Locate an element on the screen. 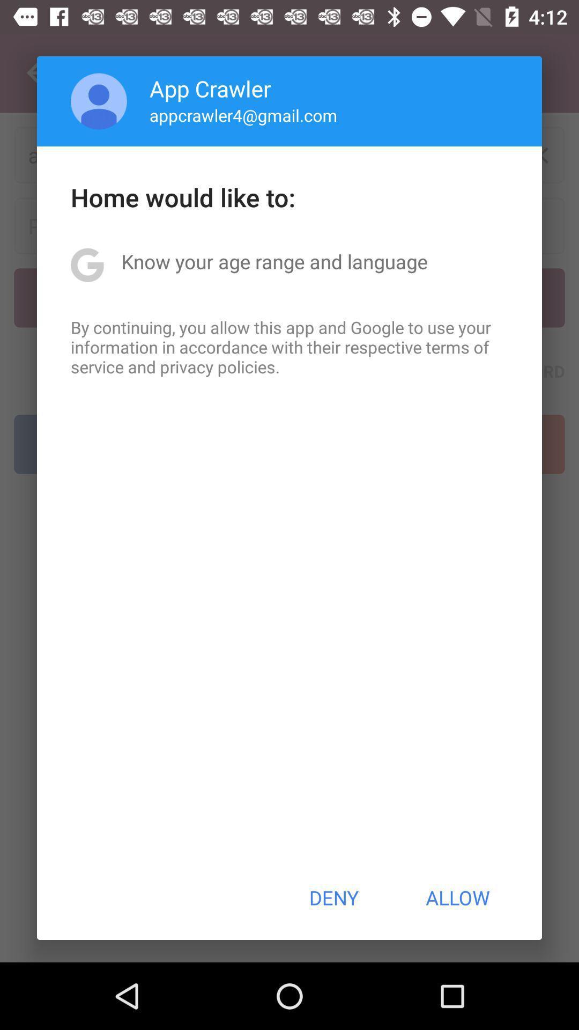 This screenshot has height=1030, width=579. deny icon is located at coordinates (333, 897).